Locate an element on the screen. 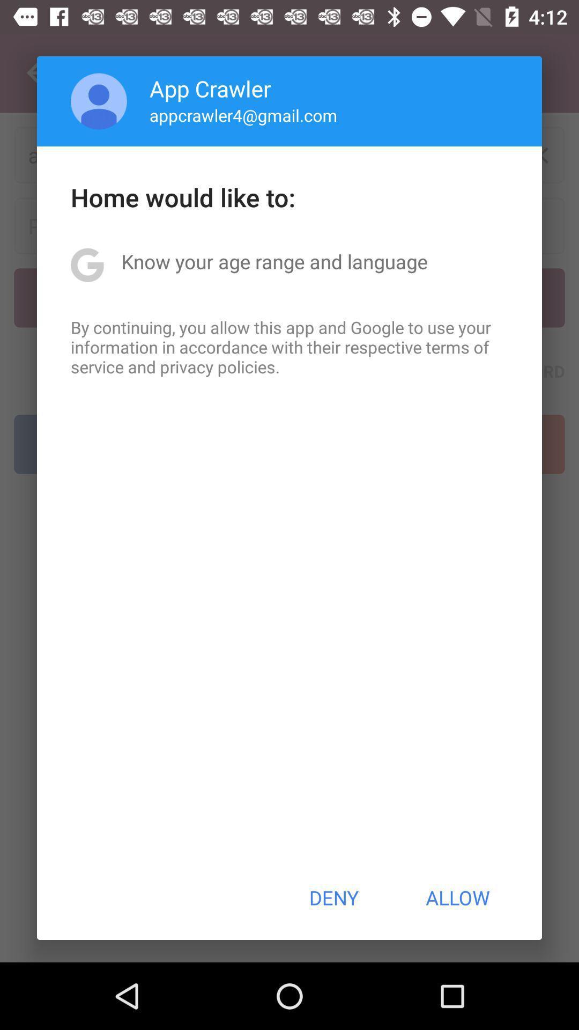 This screenshot has height=1030, width=579. deny icon is located at coordinates (333, 897).